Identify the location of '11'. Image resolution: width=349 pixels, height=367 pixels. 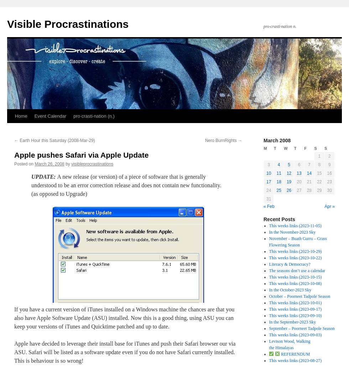
(278, 173).